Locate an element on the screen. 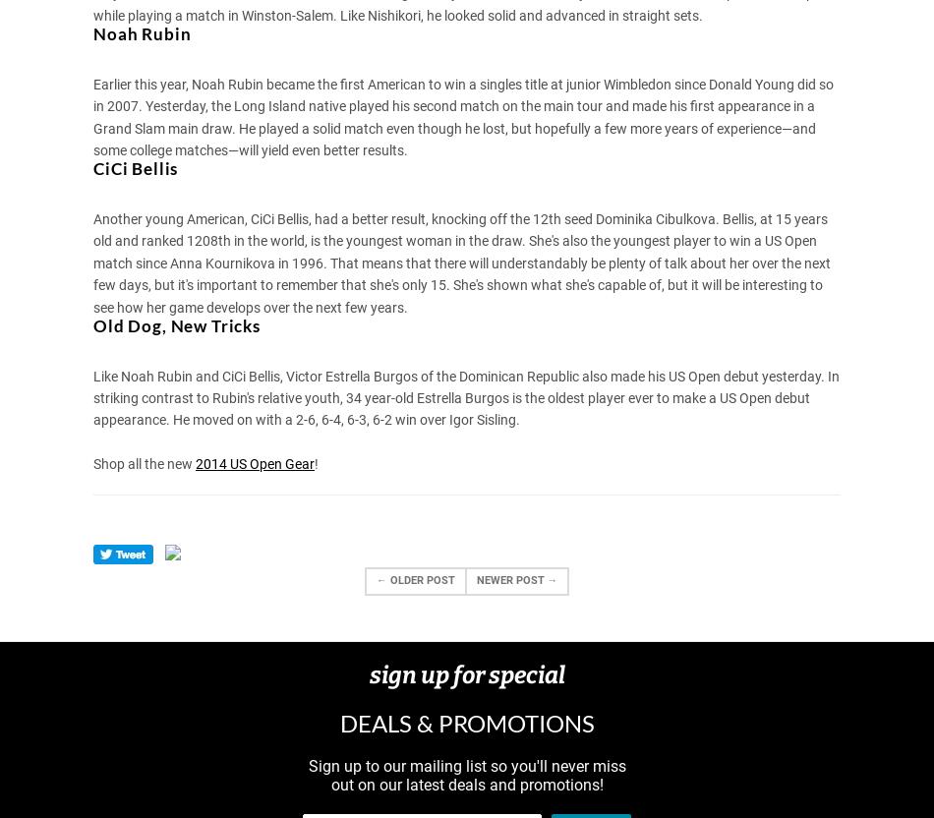  '!' is located at coordinates (315, 462).